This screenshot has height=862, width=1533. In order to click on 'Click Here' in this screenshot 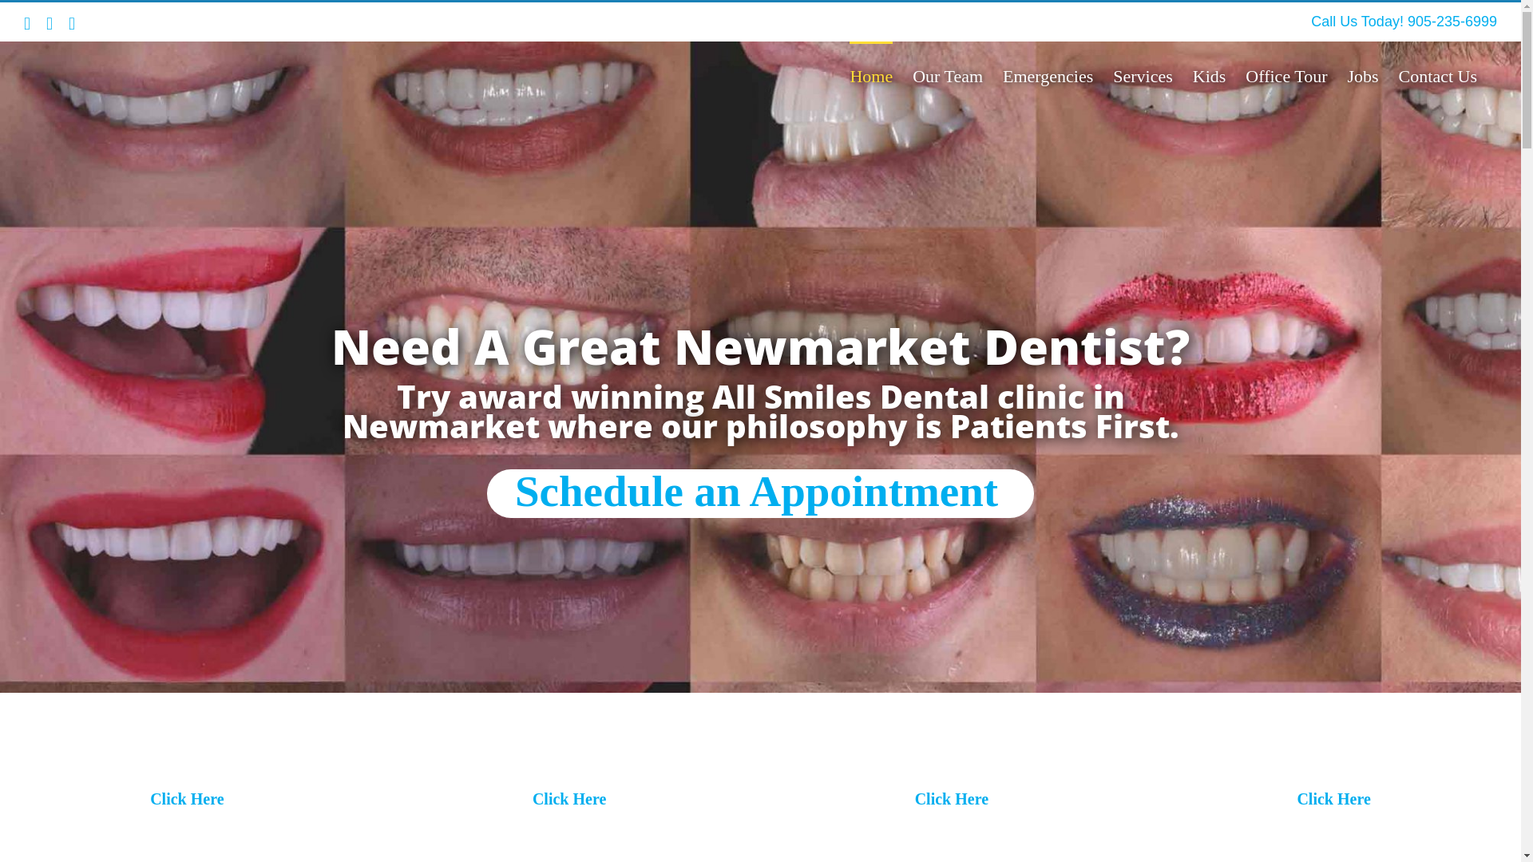, I will do `click(187, 799)`.